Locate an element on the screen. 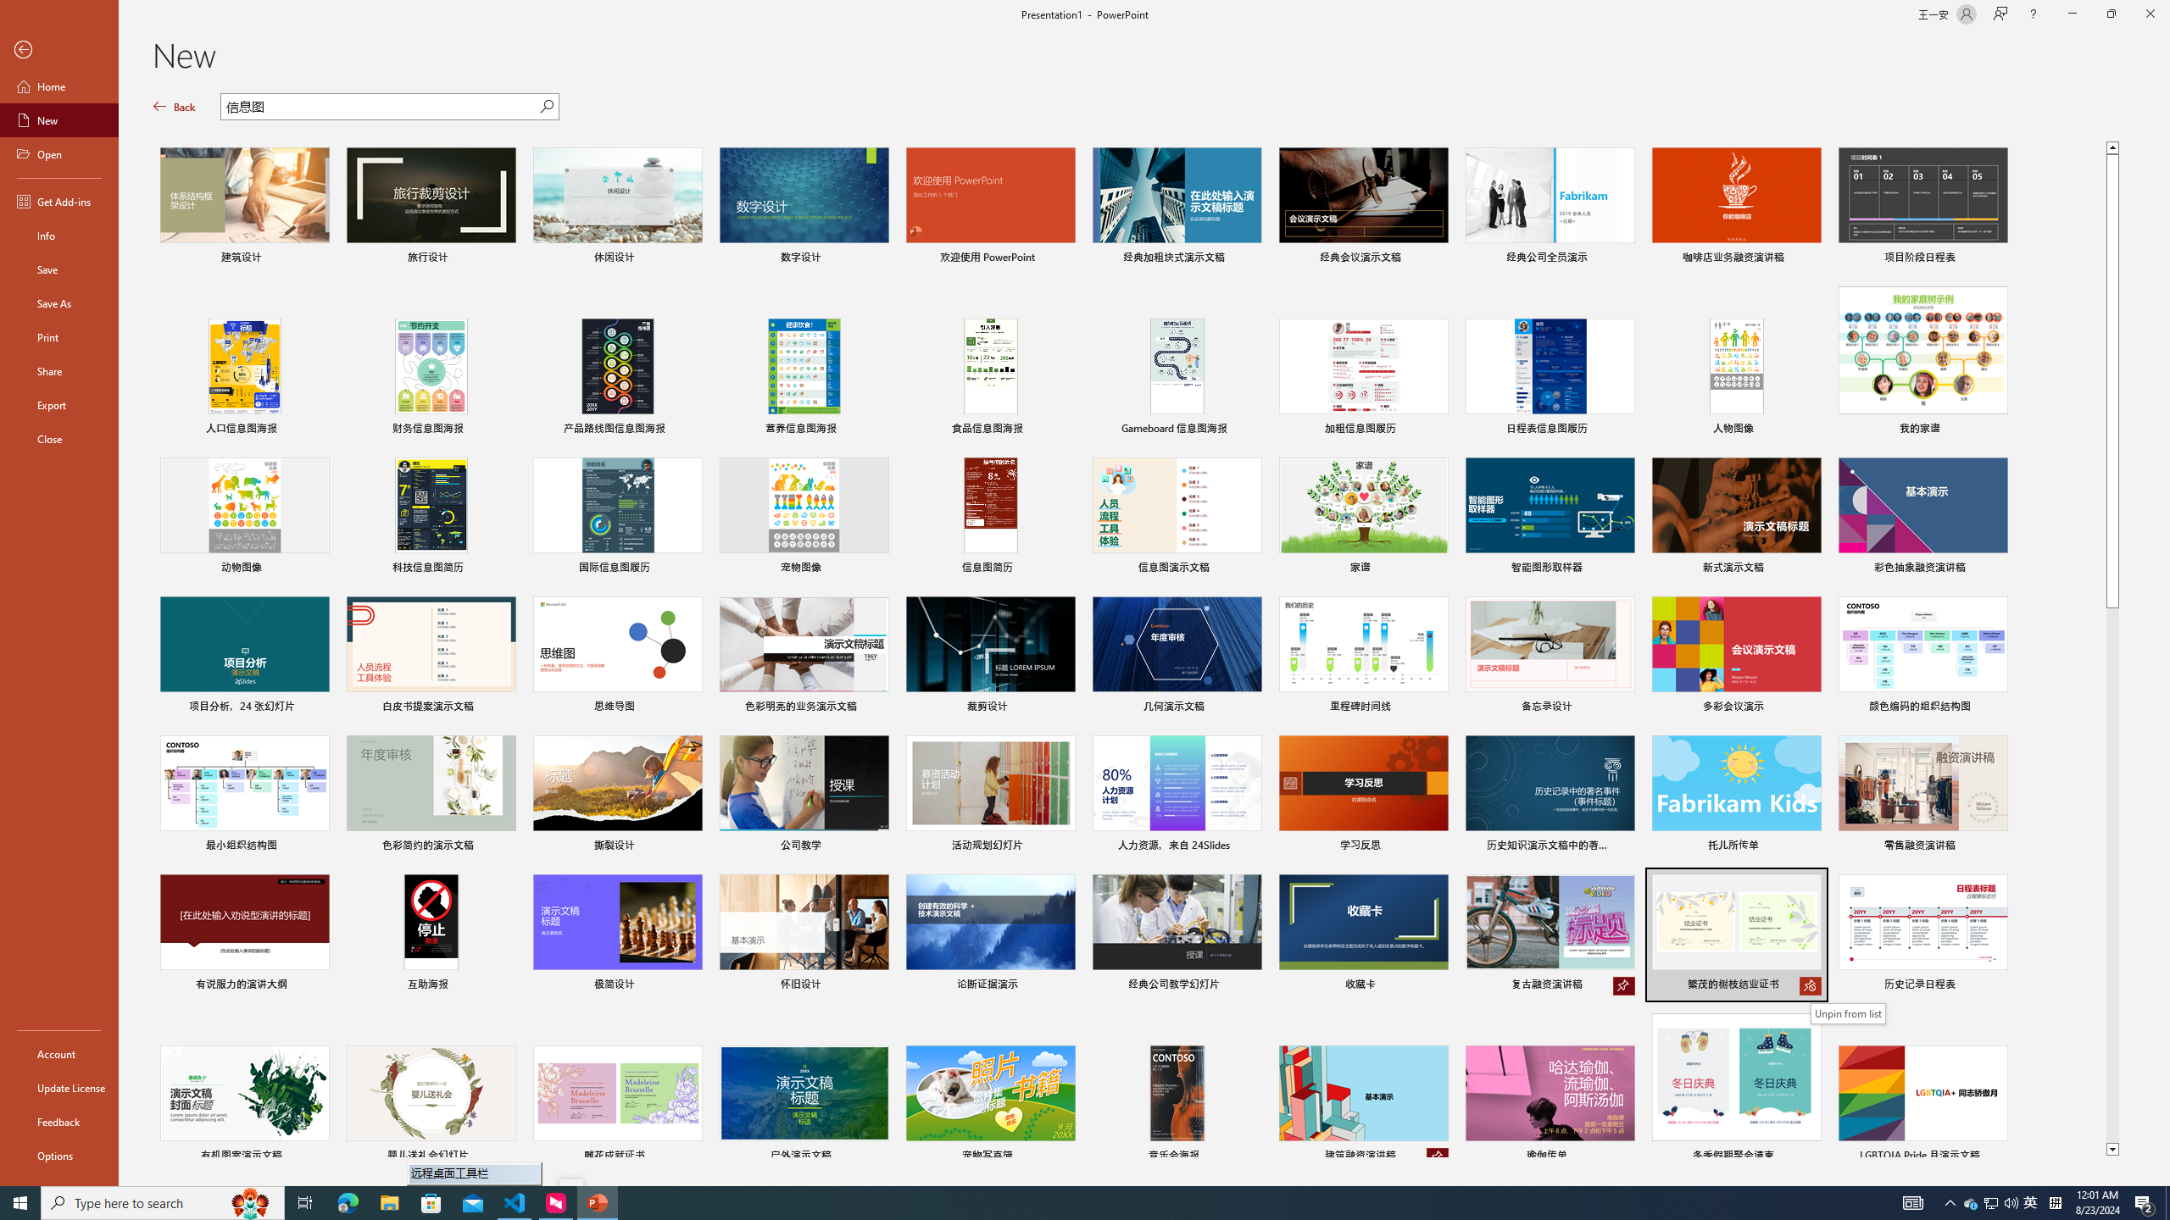 Image resolution: width=2170 pixels, height=1220 pixels. 'Get Add-ins' is located at coordinates (58, 201).